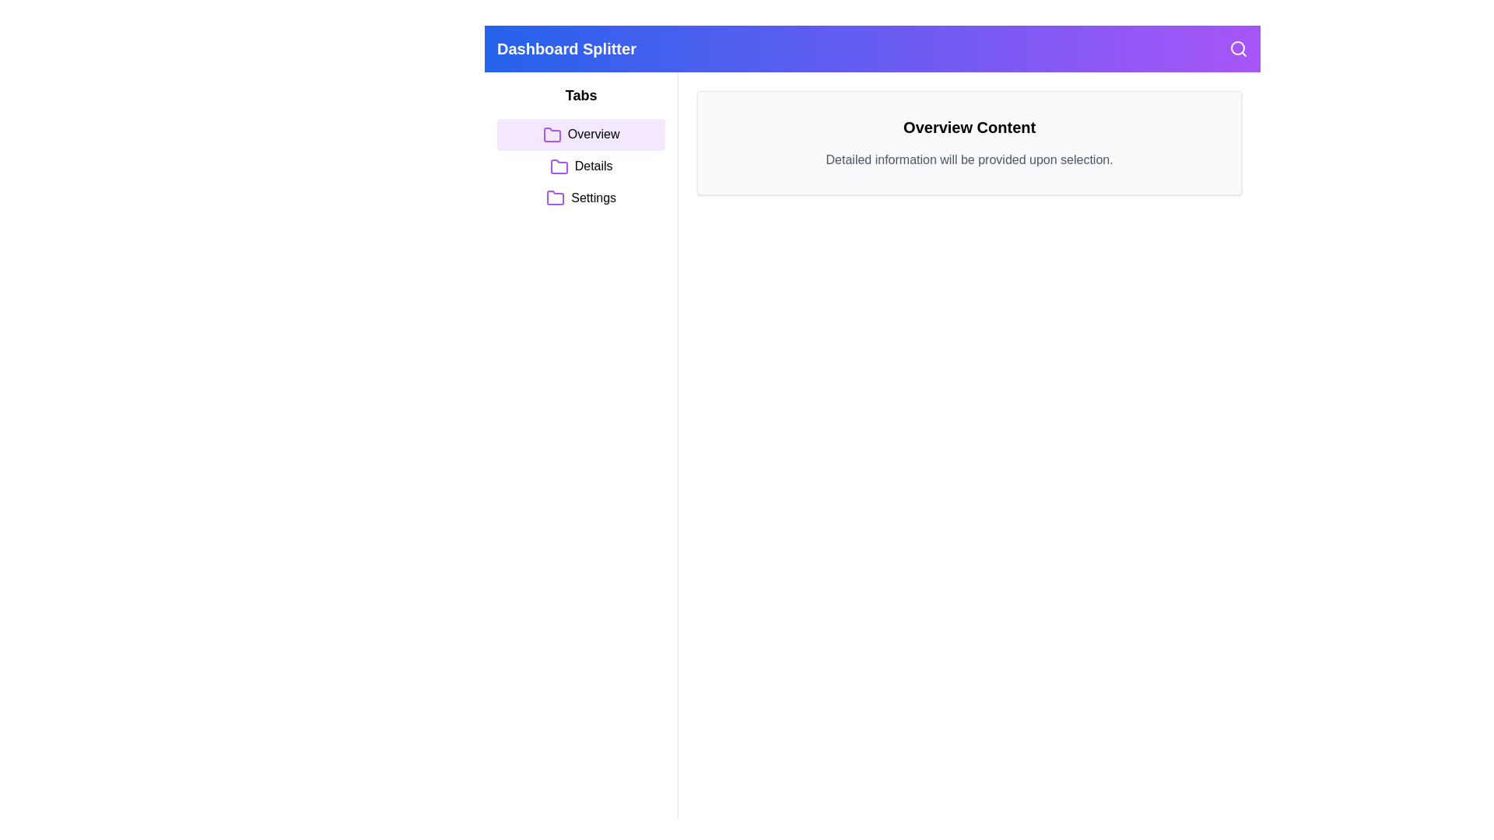  What do you see at coordinates (1236, 47) in the screenshot?
I see `the circular part of the magnifying glass icon located in the top-right corner of the application interface` at bounding box center [1236, 47].